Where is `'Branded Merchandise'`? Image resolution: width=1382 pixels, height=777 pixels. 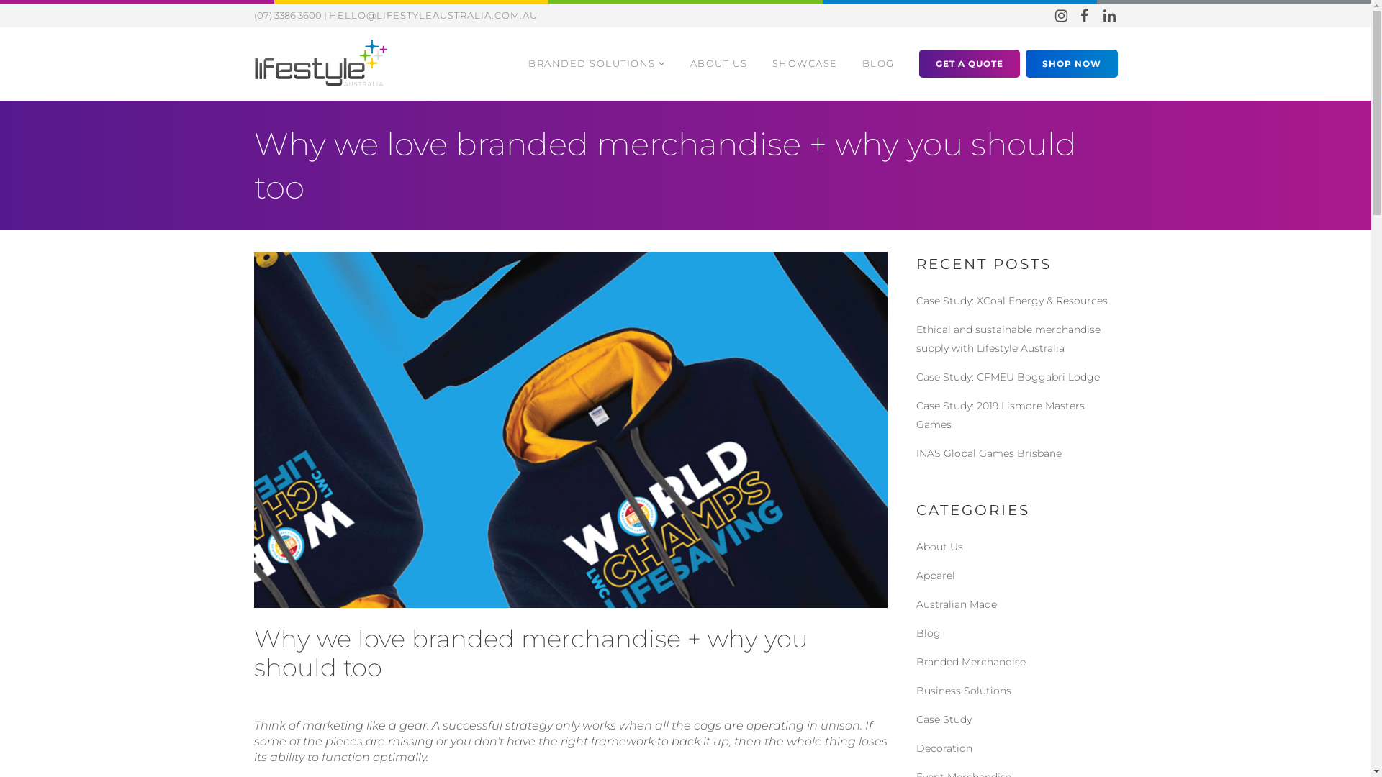
'Branded Merchandise' is located at coordinates (970, 662).